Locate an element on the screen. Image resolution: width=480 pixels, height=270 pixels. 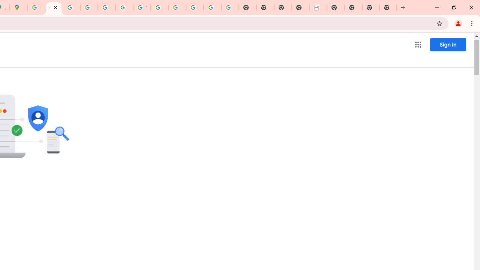
'Privacy Help Center - Policies Help' is located at coordinates (71, 7).